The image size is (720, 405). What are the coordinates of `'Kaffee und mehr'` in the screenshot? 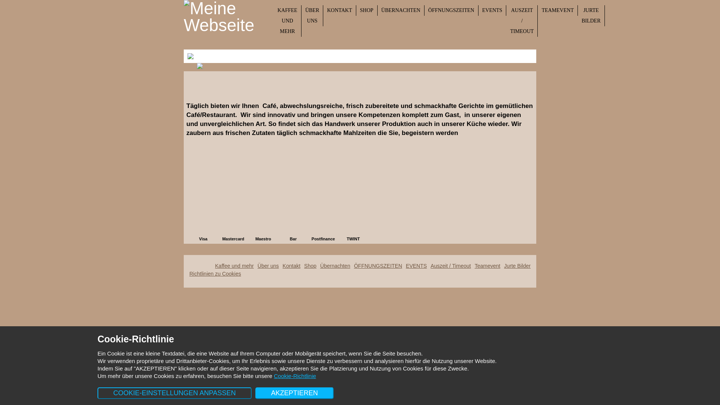 It's located at (215, 265).